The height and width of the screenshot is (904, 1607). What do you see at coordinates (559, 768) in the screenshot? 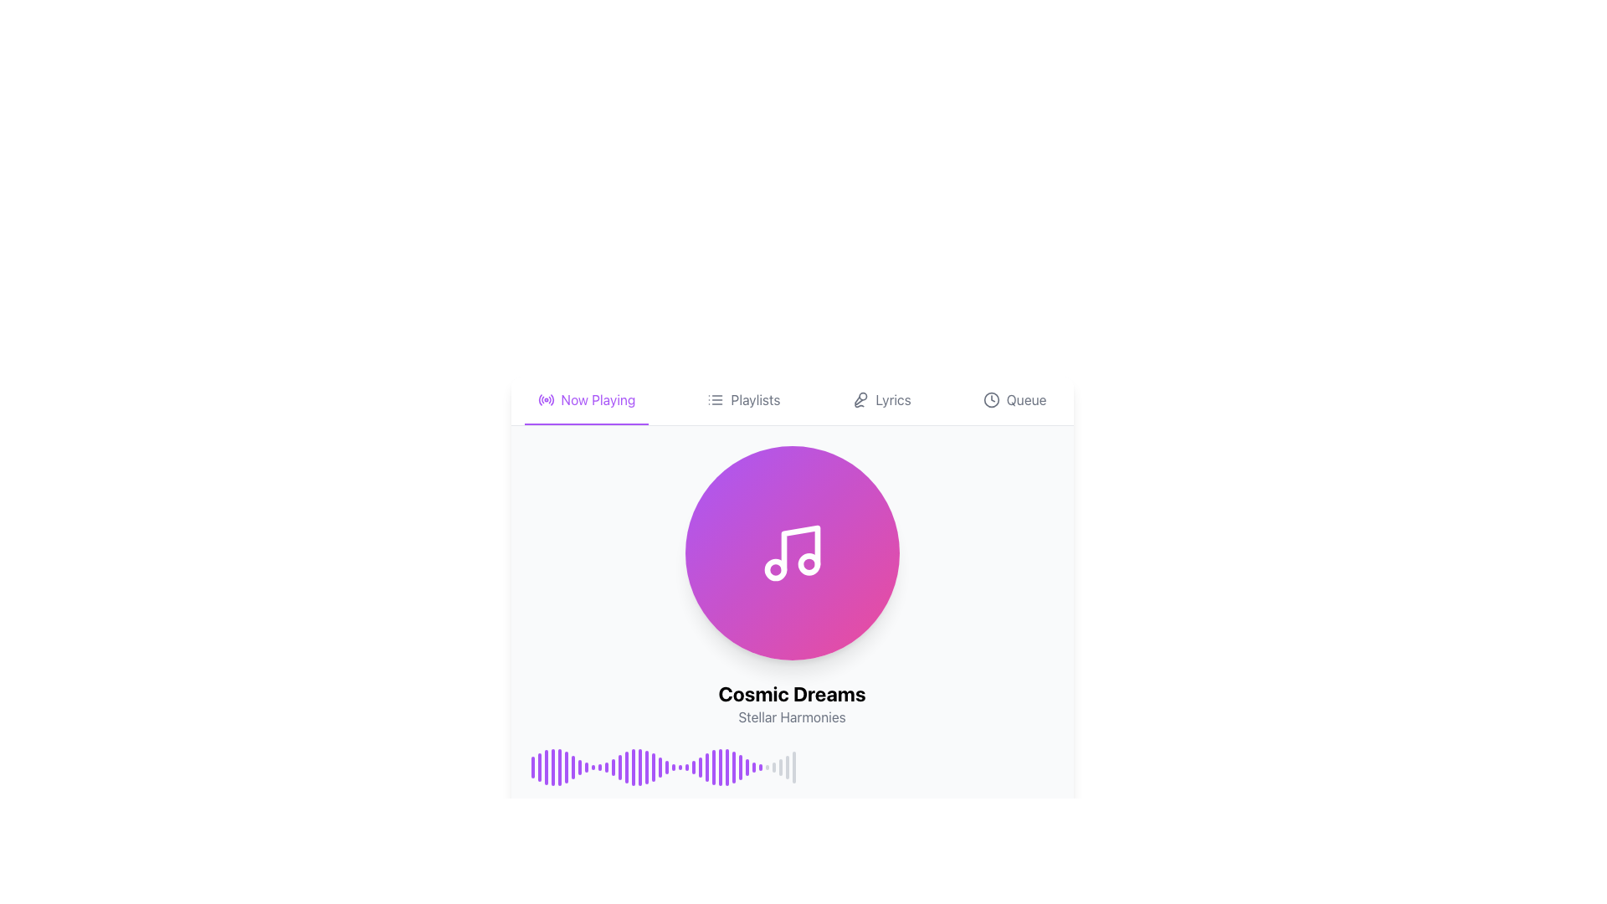
I see `the fifth purple vertical bar of the waveform, which is positioned below the central music icon and title` at bounding box center [559, 768].